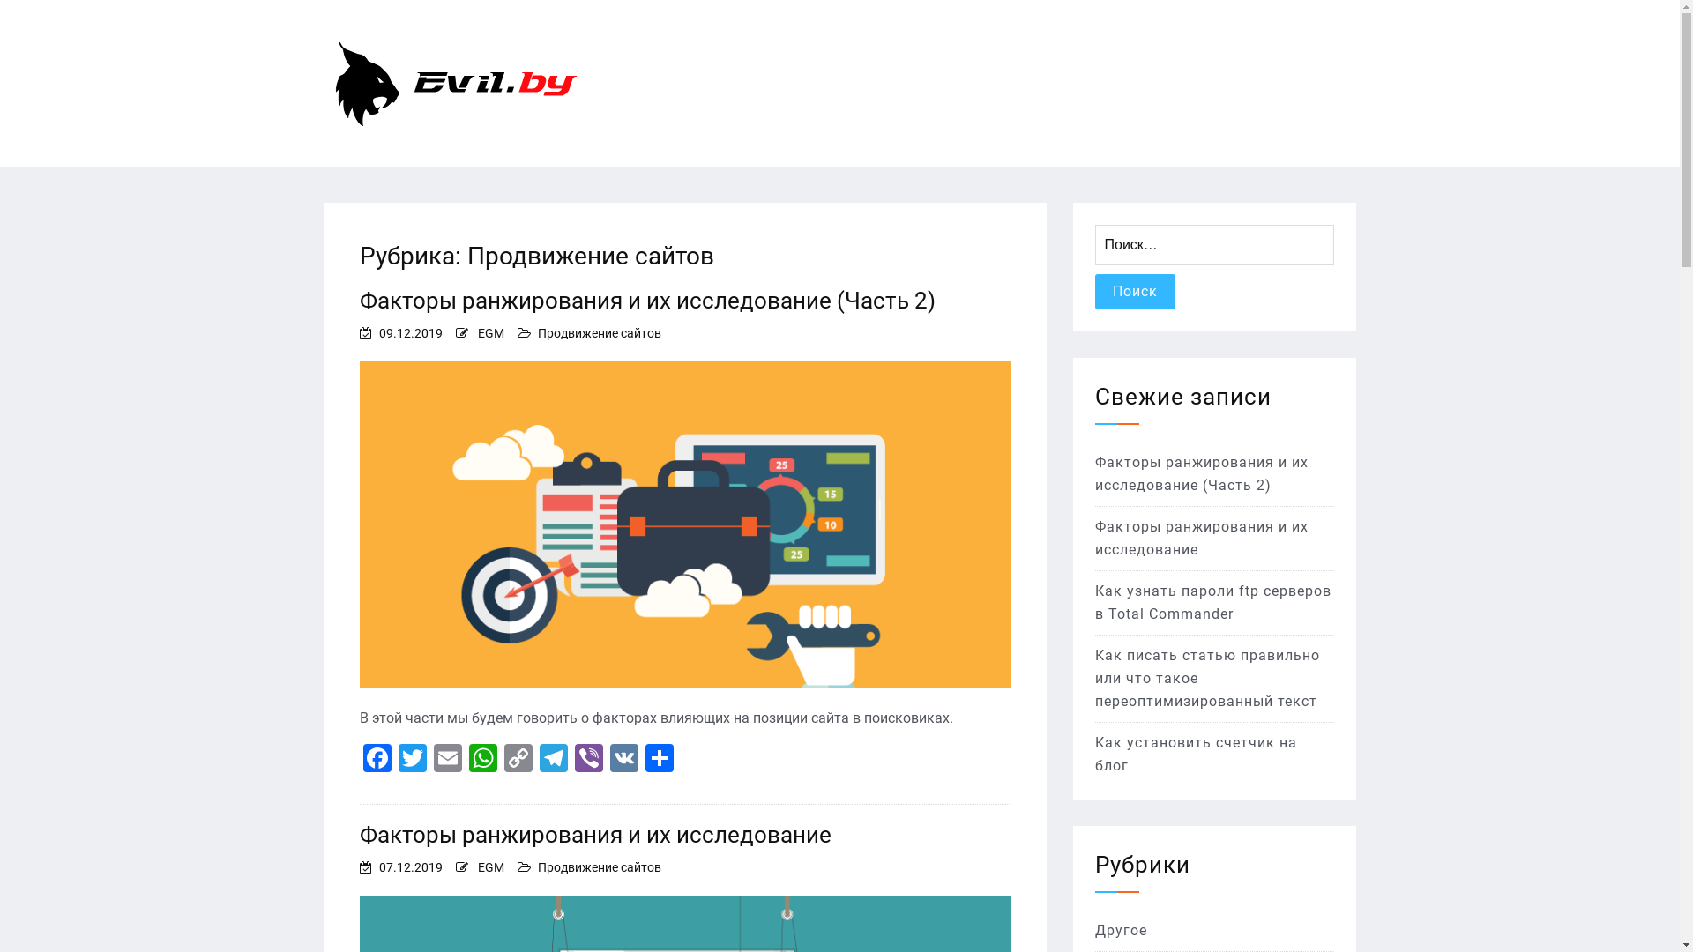 The height and width of the screenshot is (952, 1693). I want to click on 'WhatsApp', so click(466, 759).